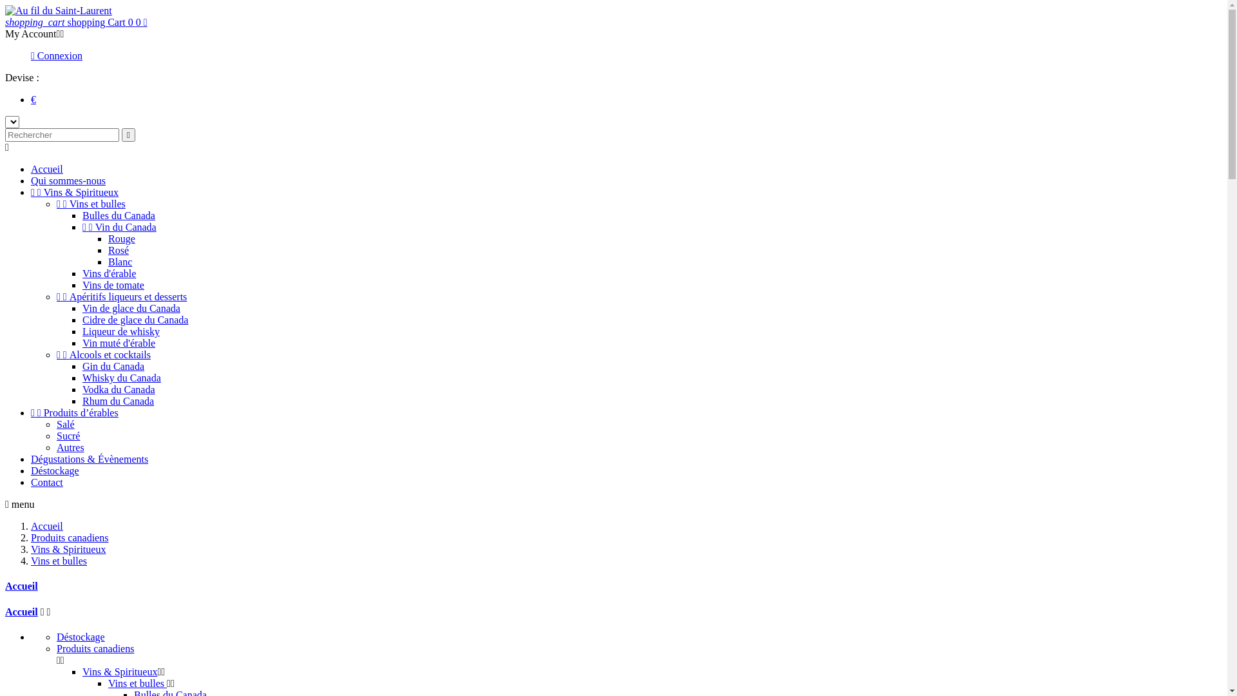 The height and width of the screenshot is (696, 1237). Describe the element at coordinates (95, 648) in the screenshot. I see `'Produits canadiens'` at that location.